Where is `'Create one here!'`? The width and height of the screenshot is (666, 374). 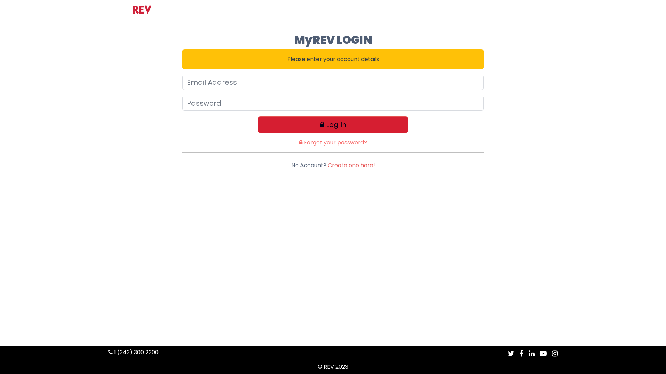
'Create one here!' is located at coordinates (351, 165).